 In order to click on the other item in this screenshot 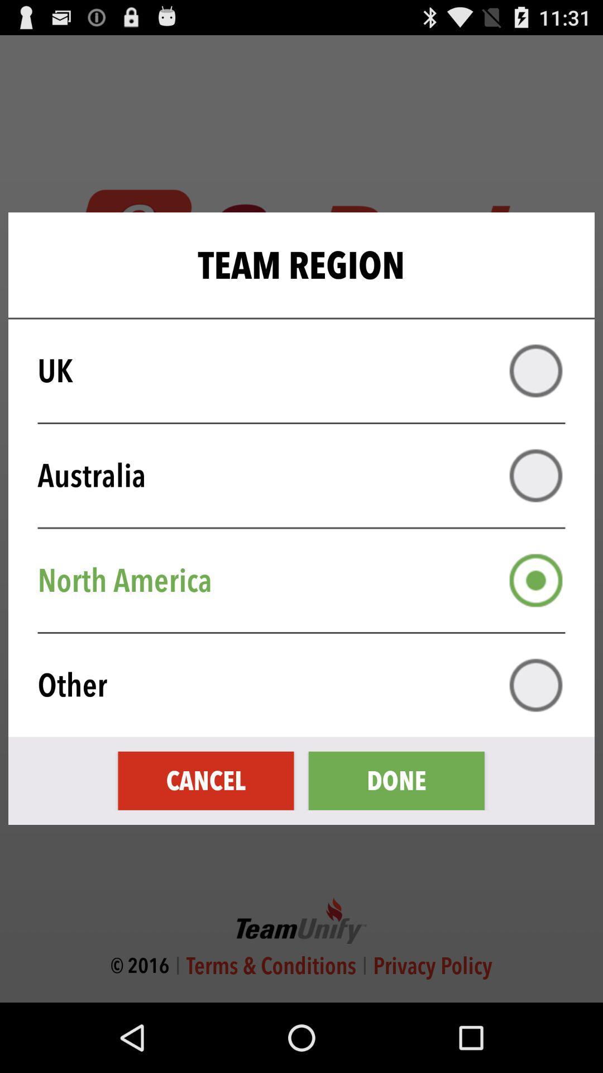, I will do `click(309, 685)`.